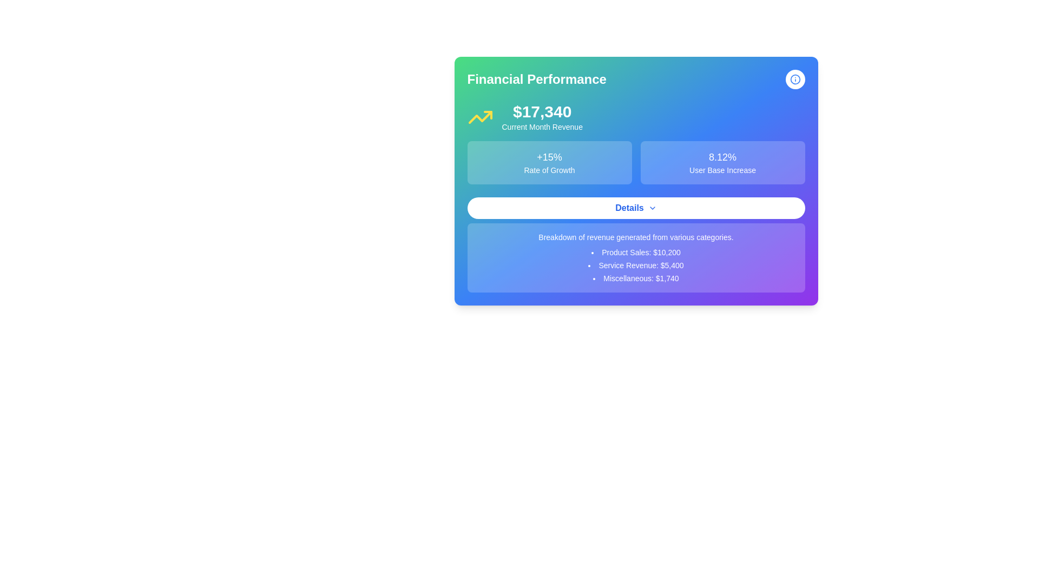 This screenshot has width=1039, height=584. I want to click on the text items in the ordered or unordered list located centrally at the lower portion of the revenue breakdown card, directly beneath the heading 'Breakdown of revenue generated from various categories.', so click(636, 265).